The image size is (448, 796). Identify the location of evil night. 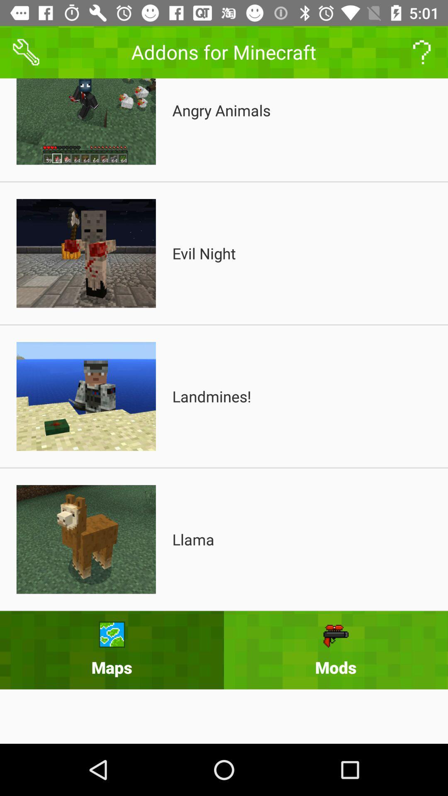
(204, 253).